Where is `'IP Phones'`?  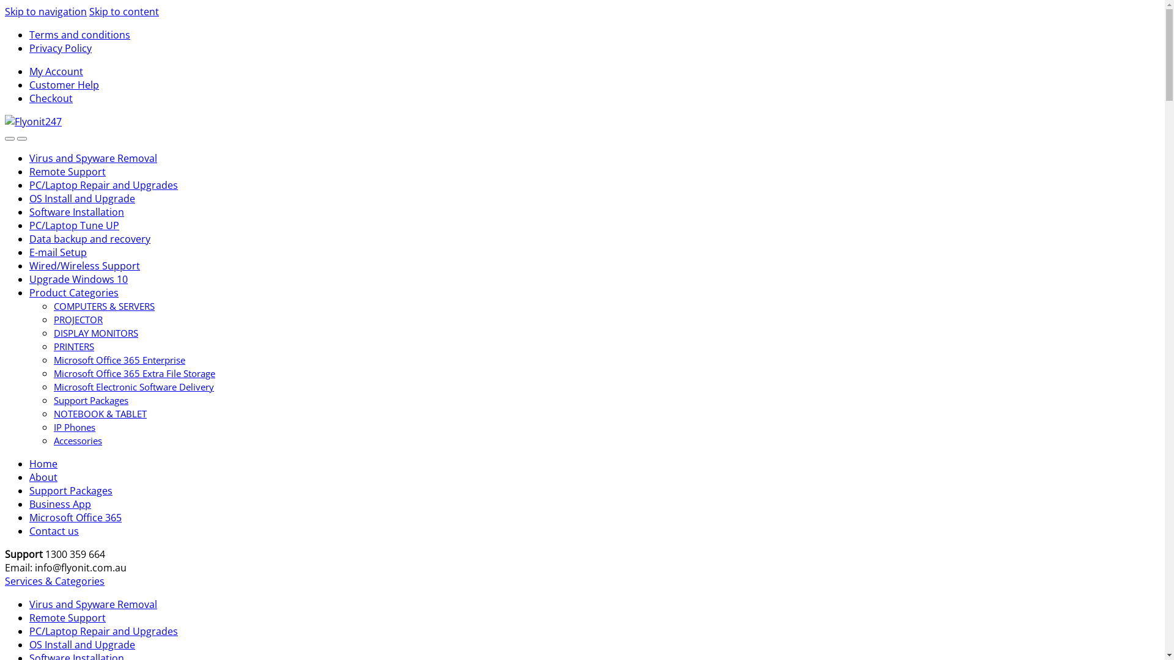 'IP Phones' is located at coordinates (73, 426).